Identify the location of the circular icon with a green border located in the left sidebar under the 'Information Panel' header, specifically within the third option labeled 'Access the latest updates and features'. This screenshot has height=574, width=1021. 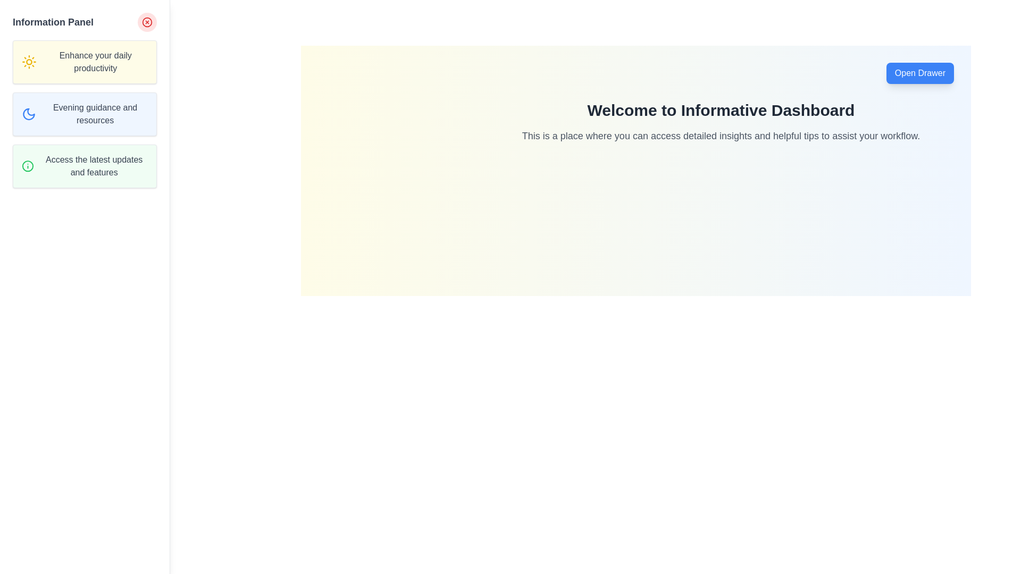
(28, 166).